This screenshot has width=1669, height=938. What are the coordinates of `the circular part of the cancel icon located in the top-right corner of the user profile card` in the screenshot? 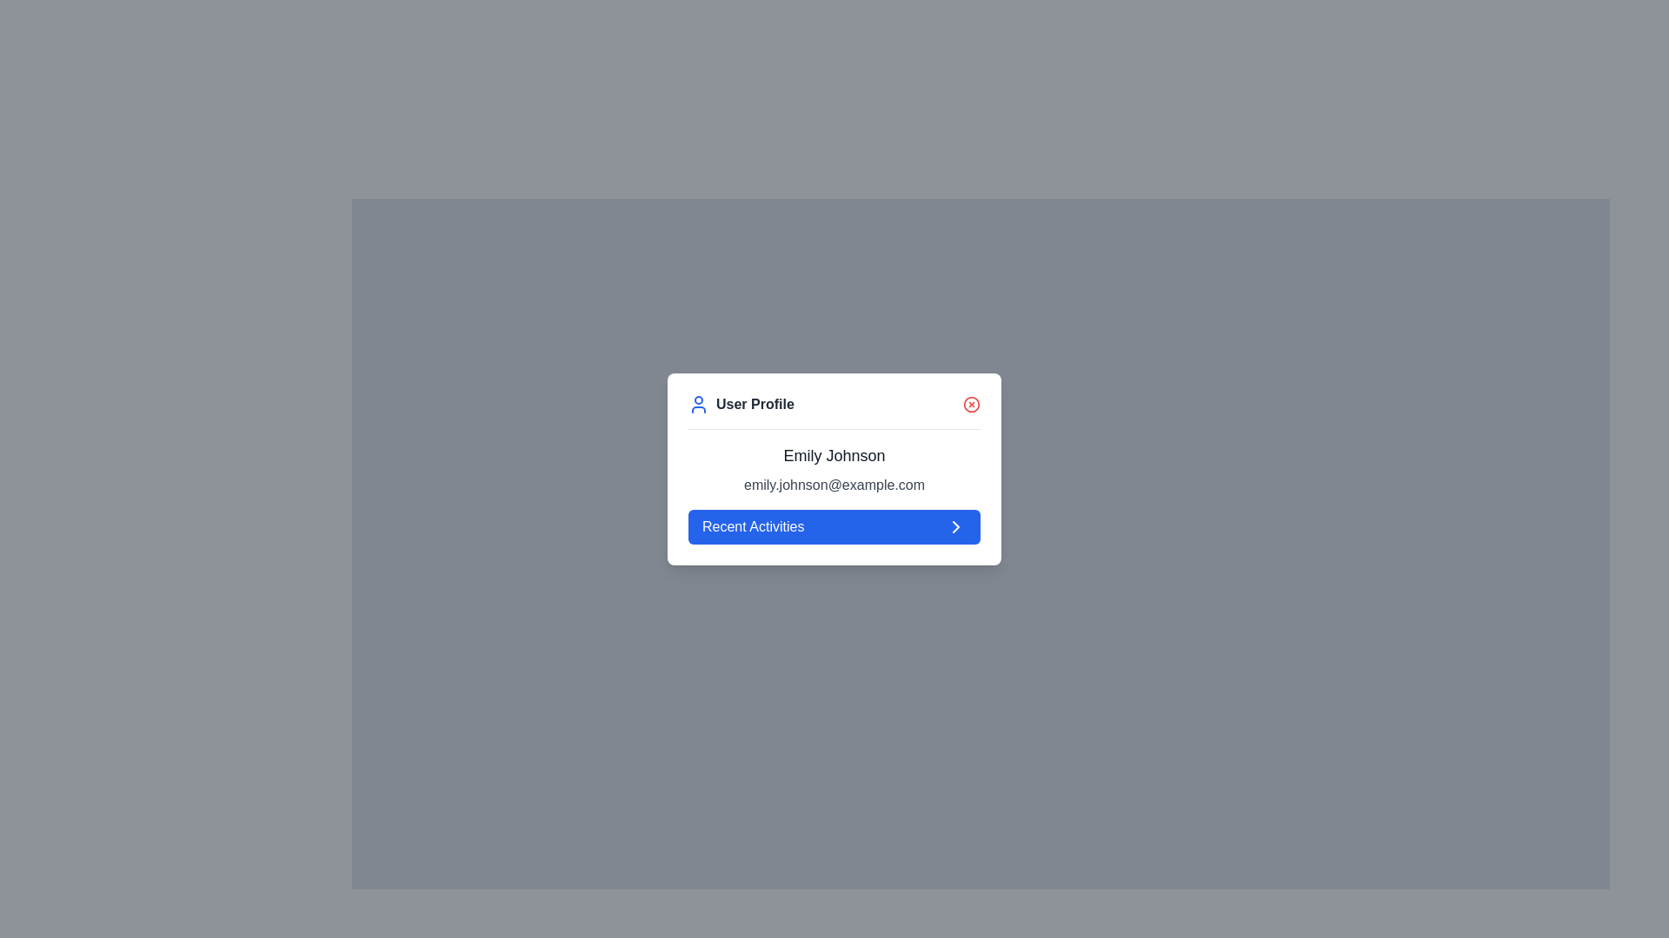 It's located at (971, 404).